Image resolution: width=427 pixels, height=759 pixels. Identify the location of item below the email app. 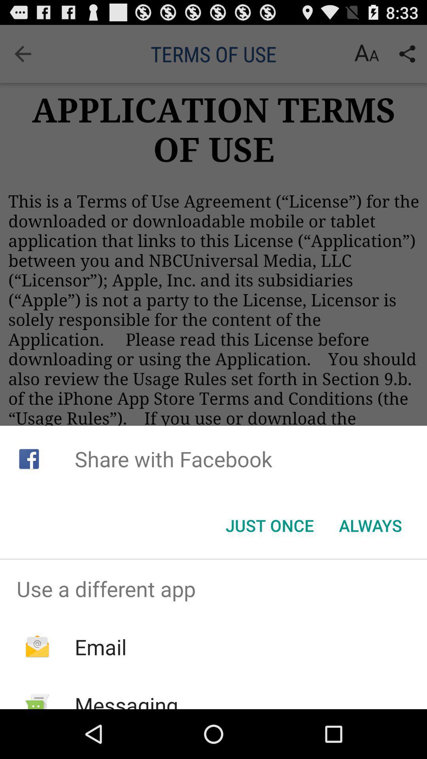
(126, 700).